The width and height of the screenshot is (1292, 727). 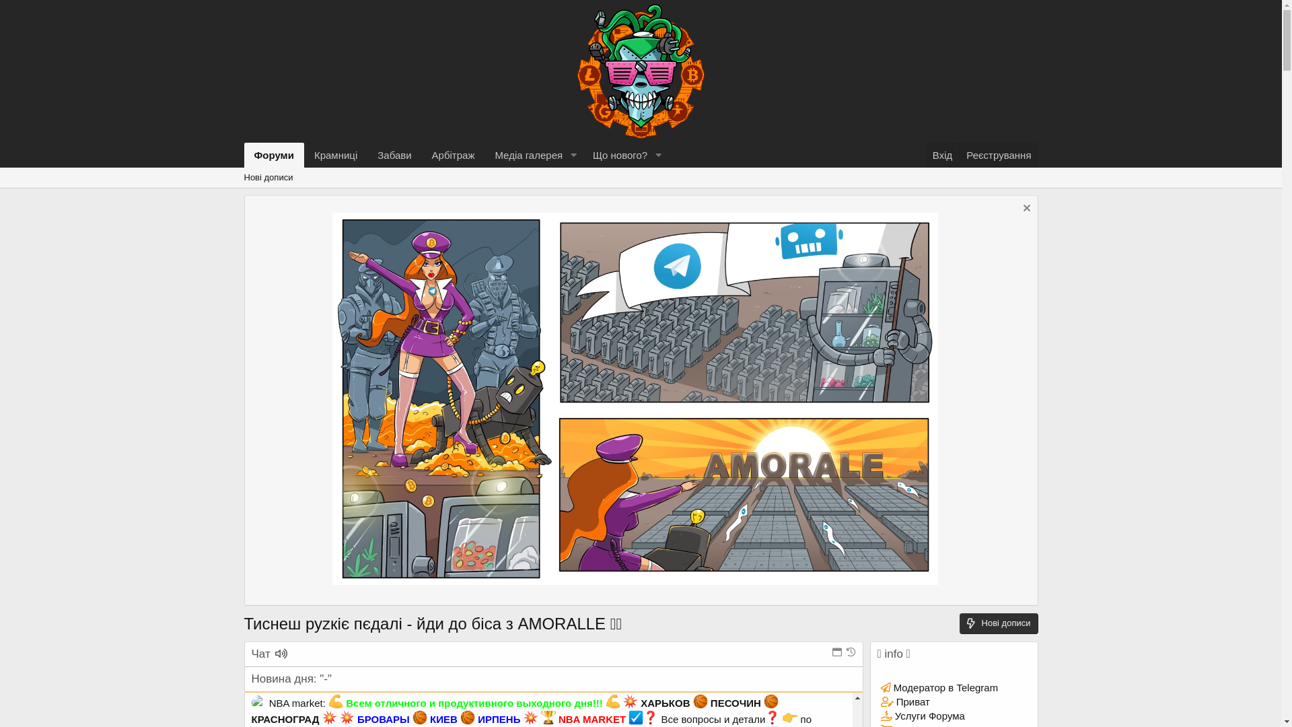 I want to click on 'Trophy    :trophy:', so click(x=548, y=716).